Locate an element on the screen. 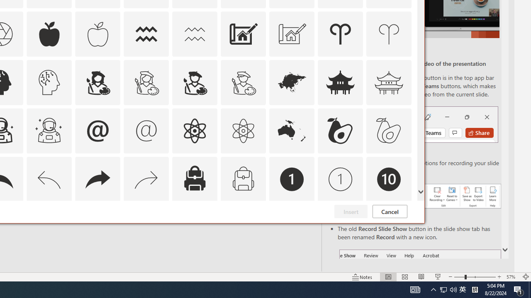 The height and width of the screenshot is (298, 531). 'AutomationID: Icons_Badge10' is located at coordinates (389, 178).